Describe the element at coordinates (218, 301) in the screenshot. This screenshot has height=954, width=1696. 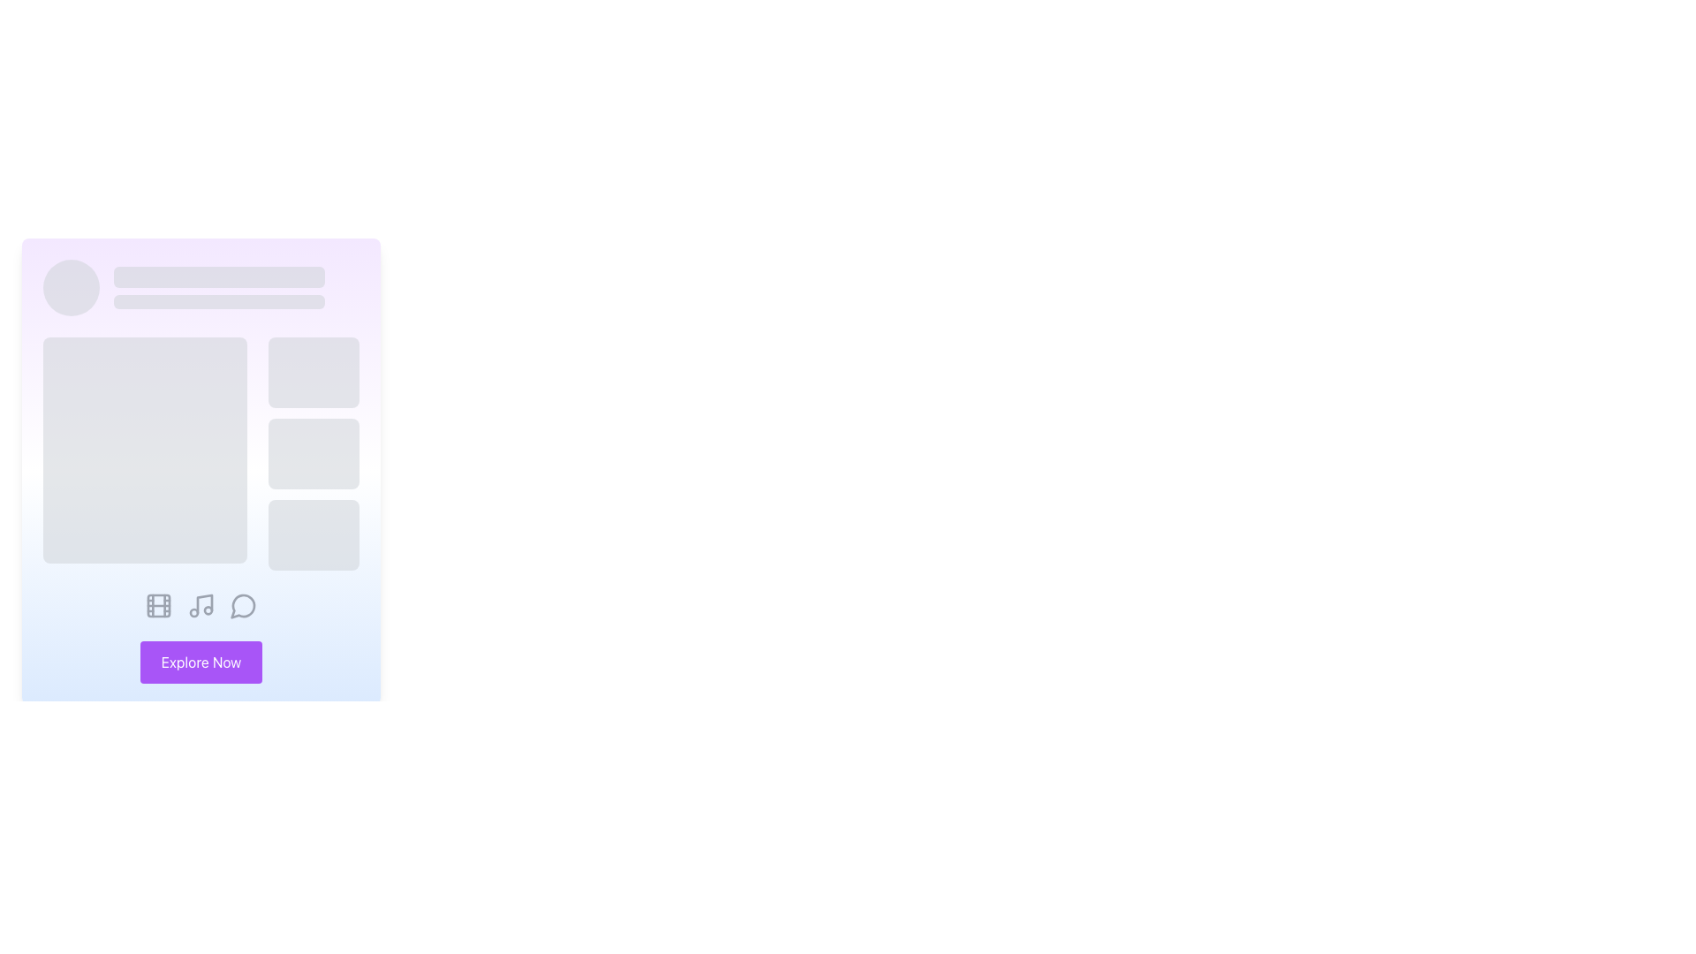
I see `the second loading placeholder bar, which is a gray rectangular bar with rounded corners, positioned in a vertical sequence of similar components` at that location.